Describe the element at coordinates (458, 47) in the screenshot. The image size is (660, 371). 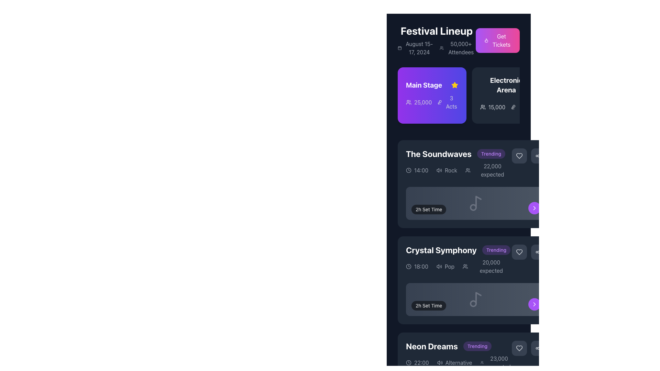
I see `information displayed in the text element showing '50,000+ Attendees' located under the 'Festival Lineup' heading, positioned between the 'August 15-17, 2024' text and the pink 'Get Tickets' button` at that location.